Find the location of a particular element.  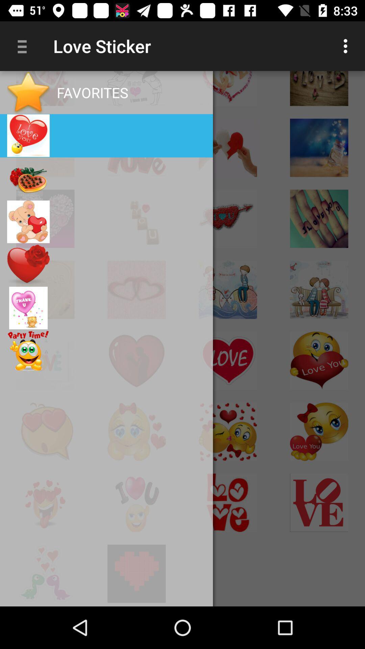

the image above party time is located at coordinates (28, 308).